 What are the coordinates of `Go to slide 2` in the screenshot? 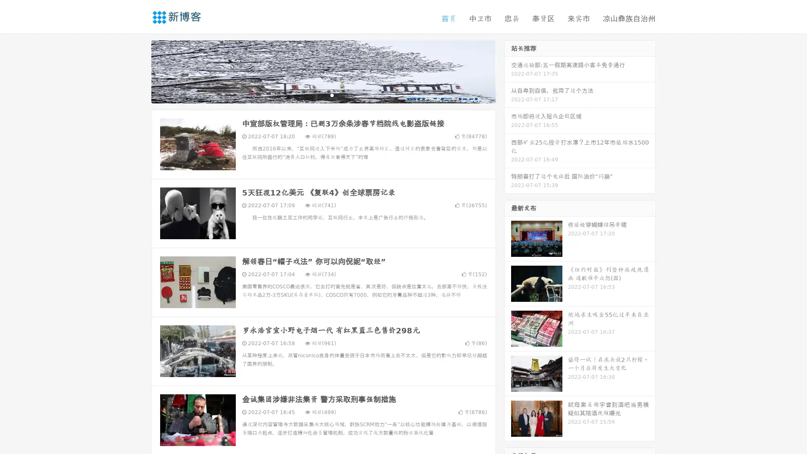 It's located at (323, 95).